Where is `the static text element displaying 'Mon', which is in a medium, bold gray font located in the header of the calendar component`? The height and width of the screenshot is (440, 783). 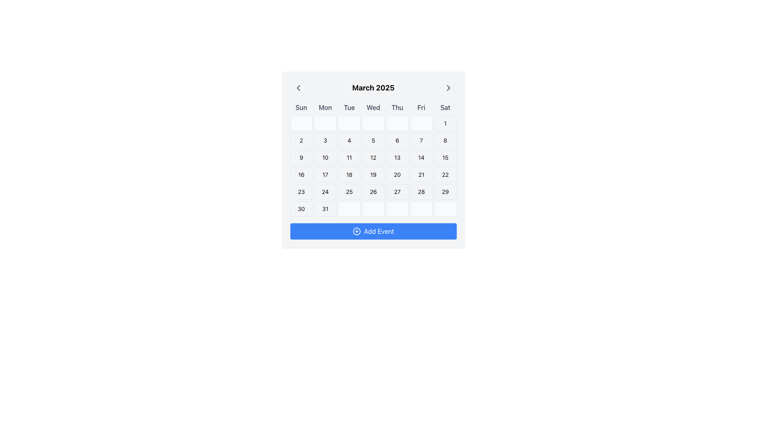 the static text element displaying 'Mon', which is in a medium, bold gray font located in the header of the calendar component is located at coordinates (325, 107).